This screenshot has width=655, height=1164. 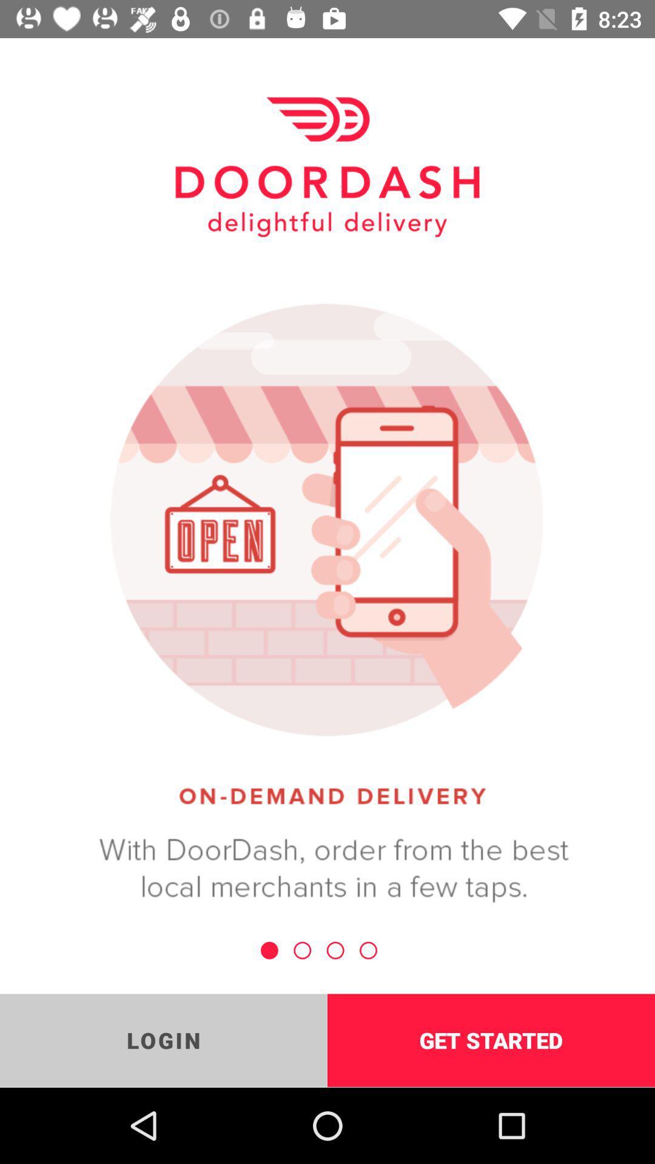 I want to click on item to the left of get started item, so click(x=164, y=1040).